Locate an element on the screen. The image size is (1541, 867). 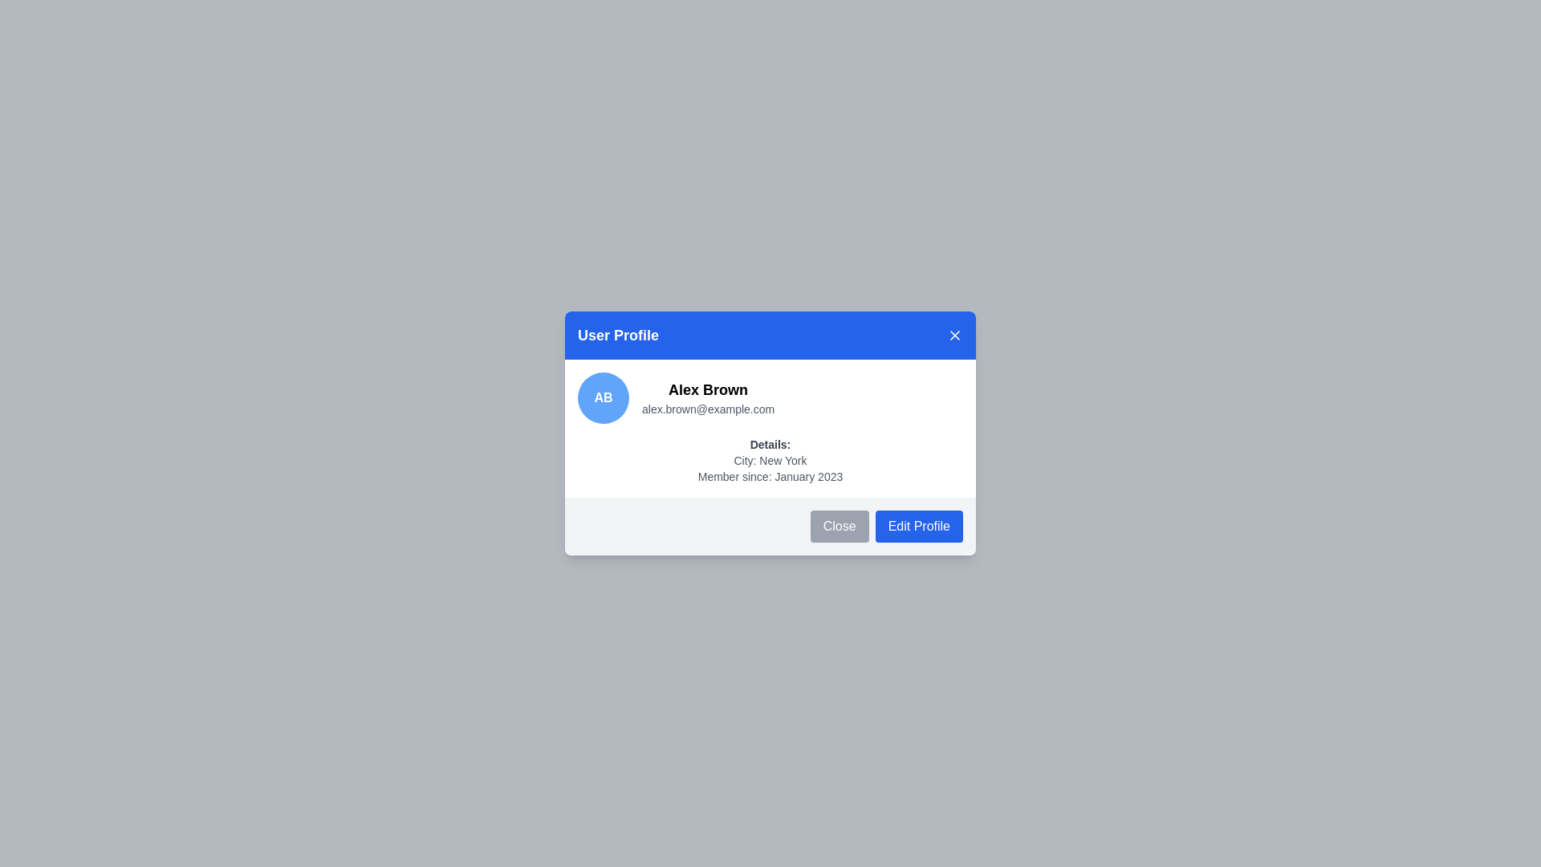
the close button with an 'X' icon at the top-right corner of the 'User Profile' modal header is located at coordinates (955, 334).